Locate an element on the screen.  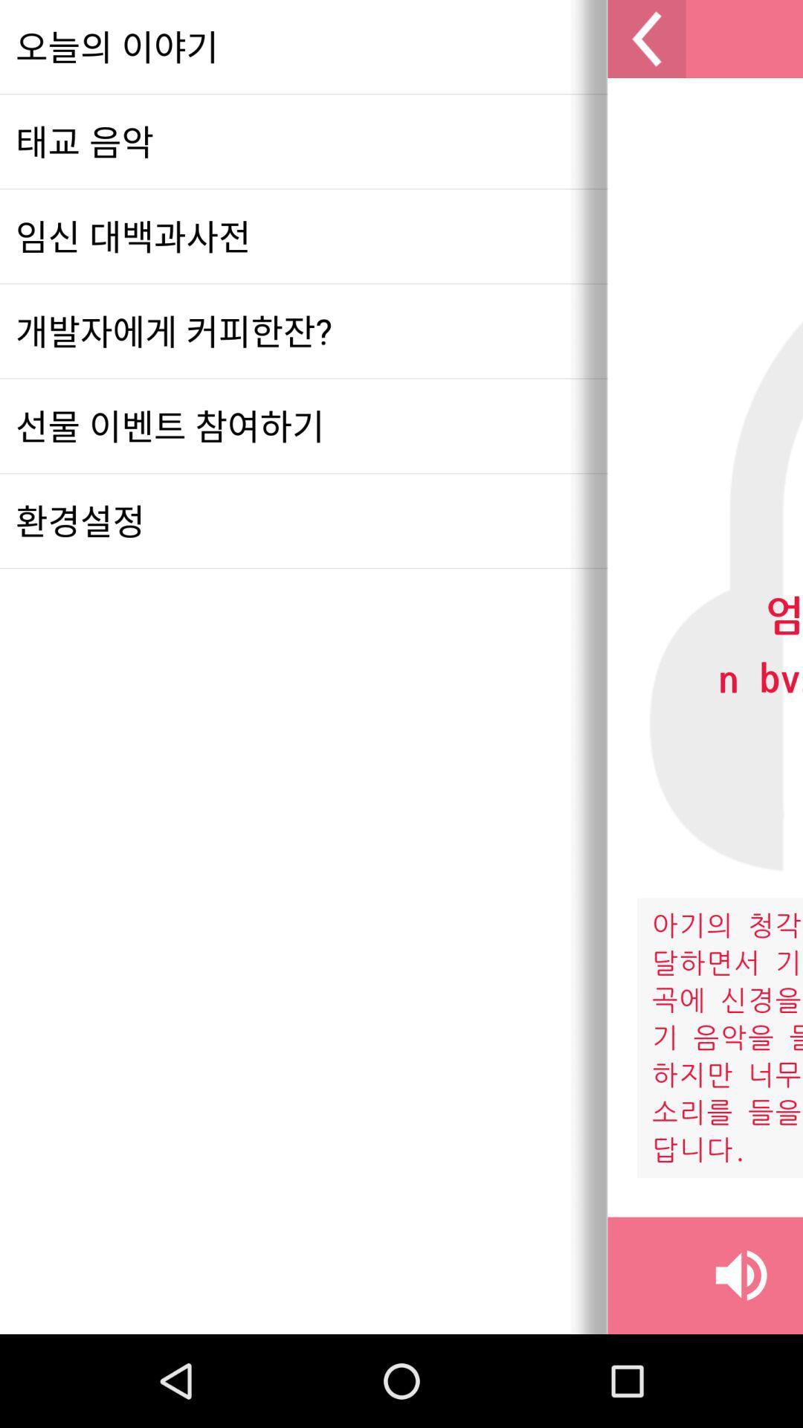
icon at the center is located at coordinates (401, 521).